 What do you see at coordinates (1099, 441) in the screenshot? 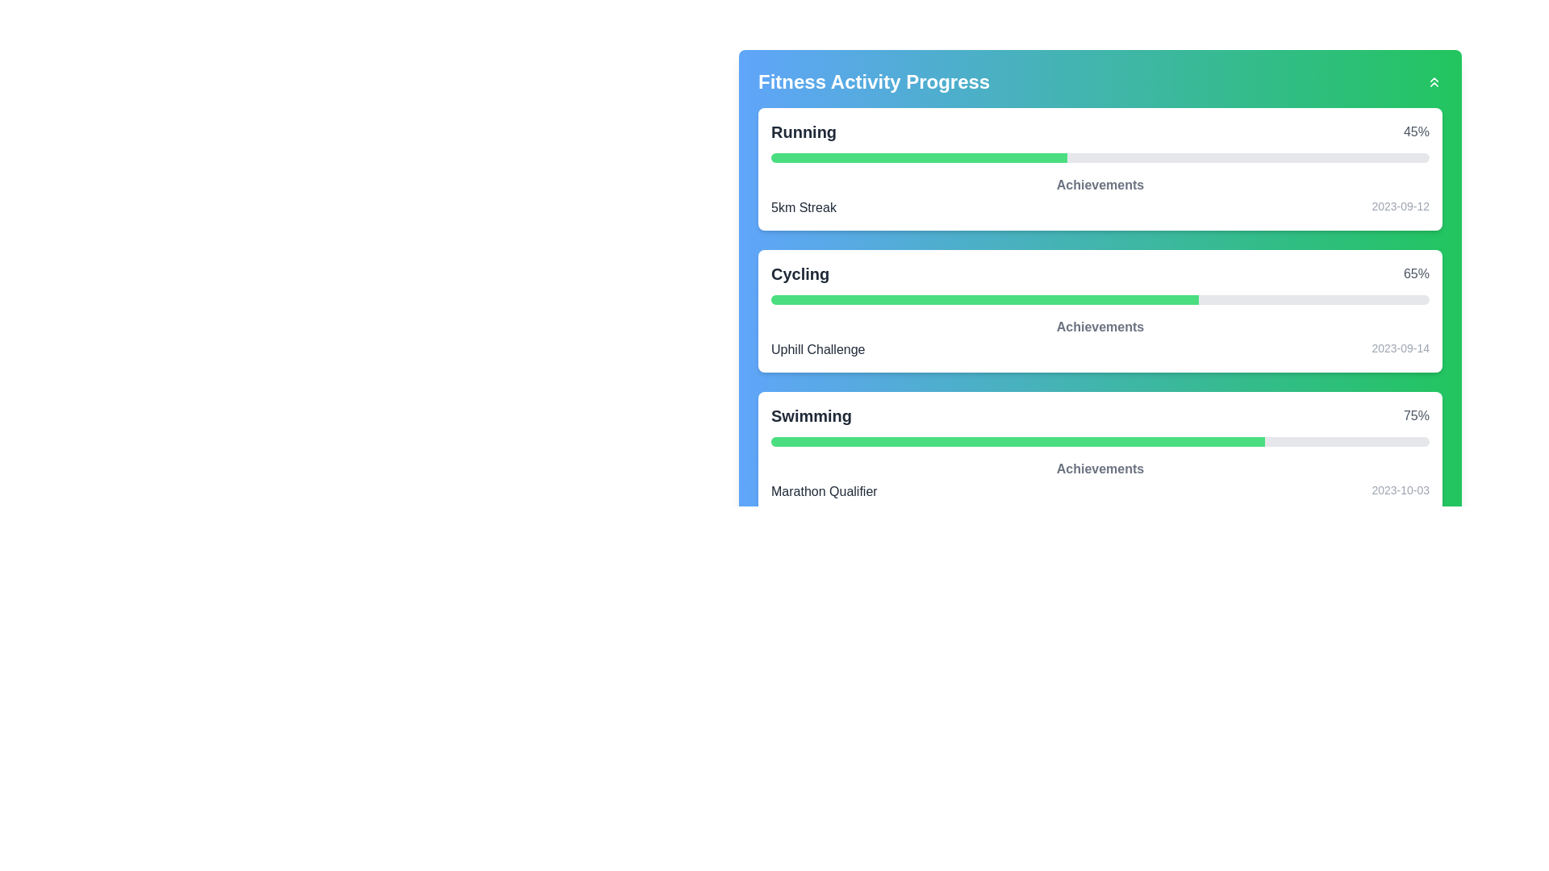
I see `the progress bar representing 75% completion in swimming activity, located below the 'Swimming' label and above the 'Achievements' label` at bounding box center [1099, 441].